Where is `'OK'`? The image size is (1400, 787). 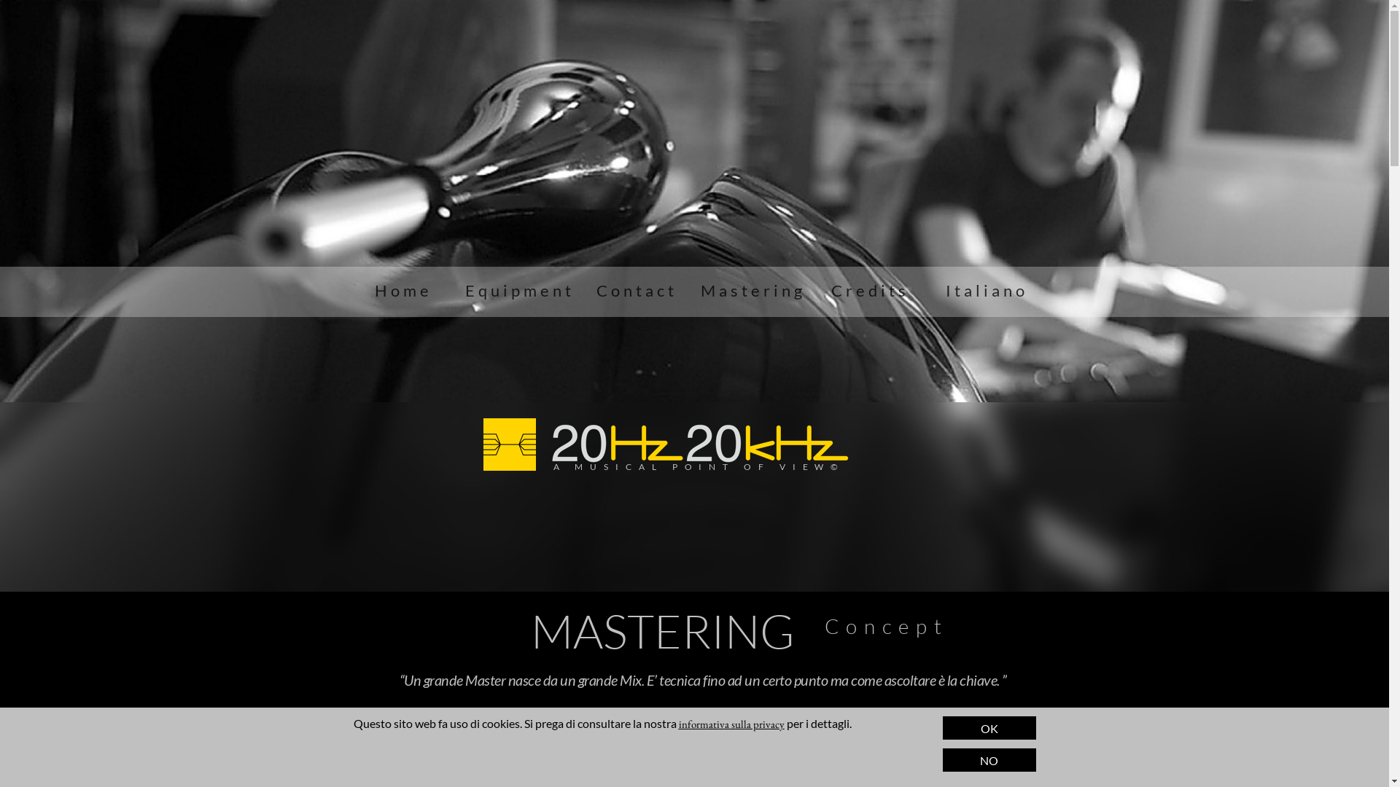
'OK' is located at coordinates (941, 728).